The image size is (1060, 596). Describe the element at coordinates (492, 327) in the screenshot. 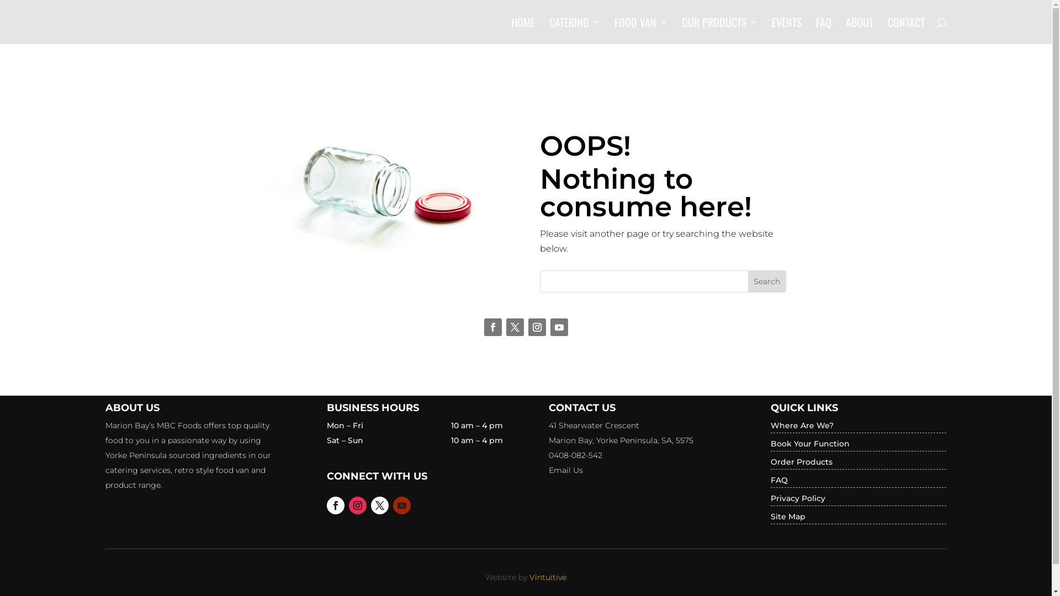

I see `'Follow on Facebook'` at that location.